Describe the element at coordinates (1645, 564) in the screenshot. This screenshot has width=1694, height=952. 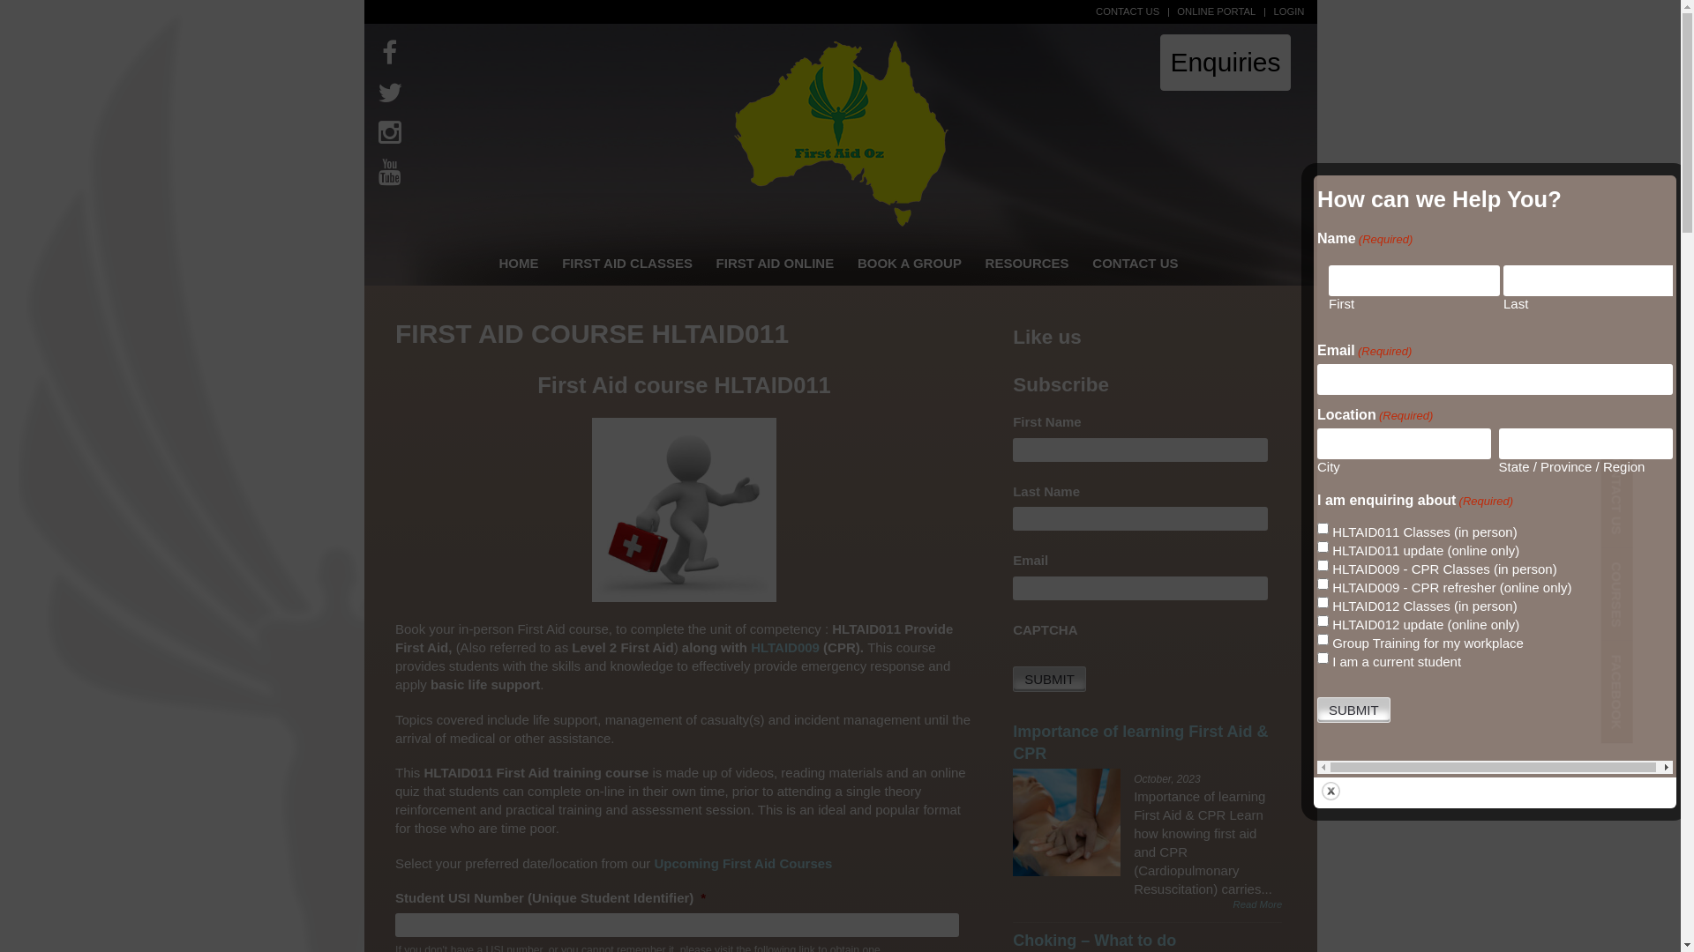
I see `'COURSES'` at that location.